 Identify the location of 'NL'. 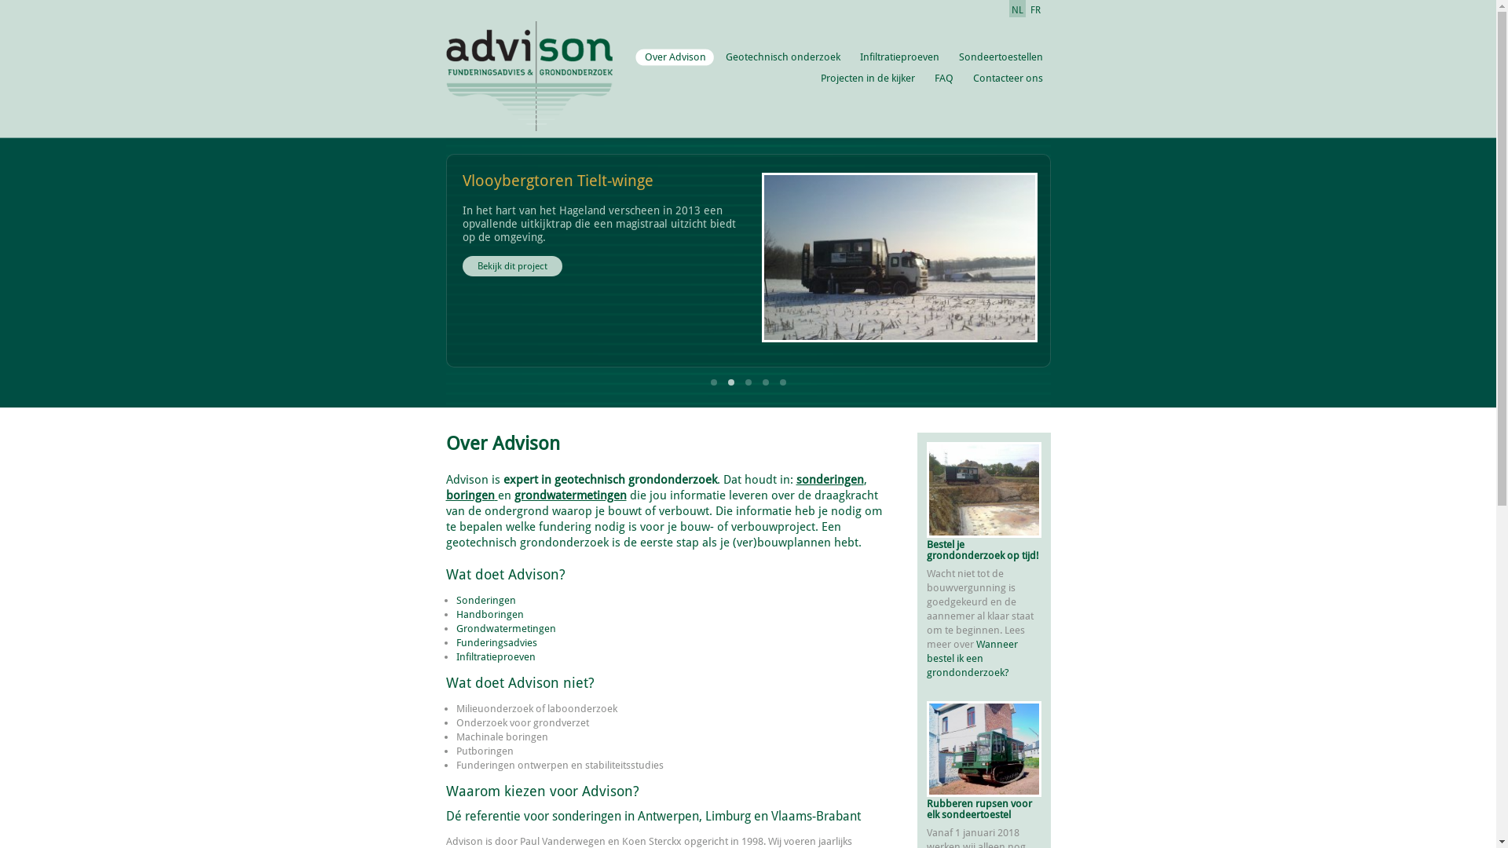
(1008, 9).